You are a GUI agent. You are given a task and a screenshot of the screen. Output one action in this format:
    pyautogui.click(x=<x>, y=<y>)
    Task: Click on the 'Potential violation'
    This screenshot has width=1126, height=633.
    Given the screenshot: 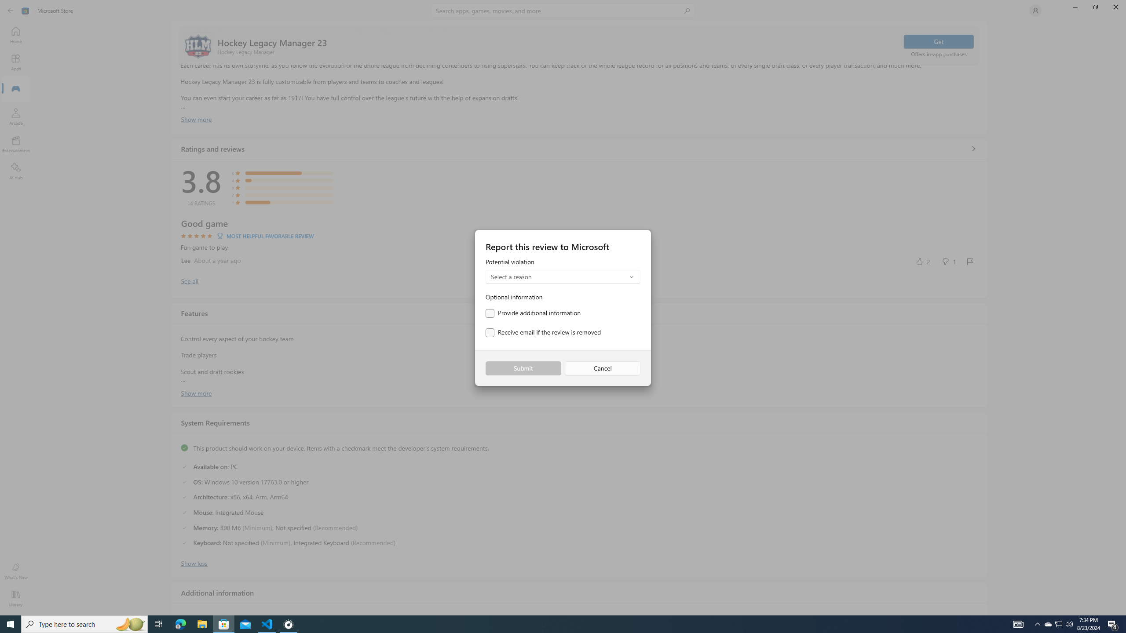 What is the action you would take?
    pyautogui.click(x=563, y=271)
    